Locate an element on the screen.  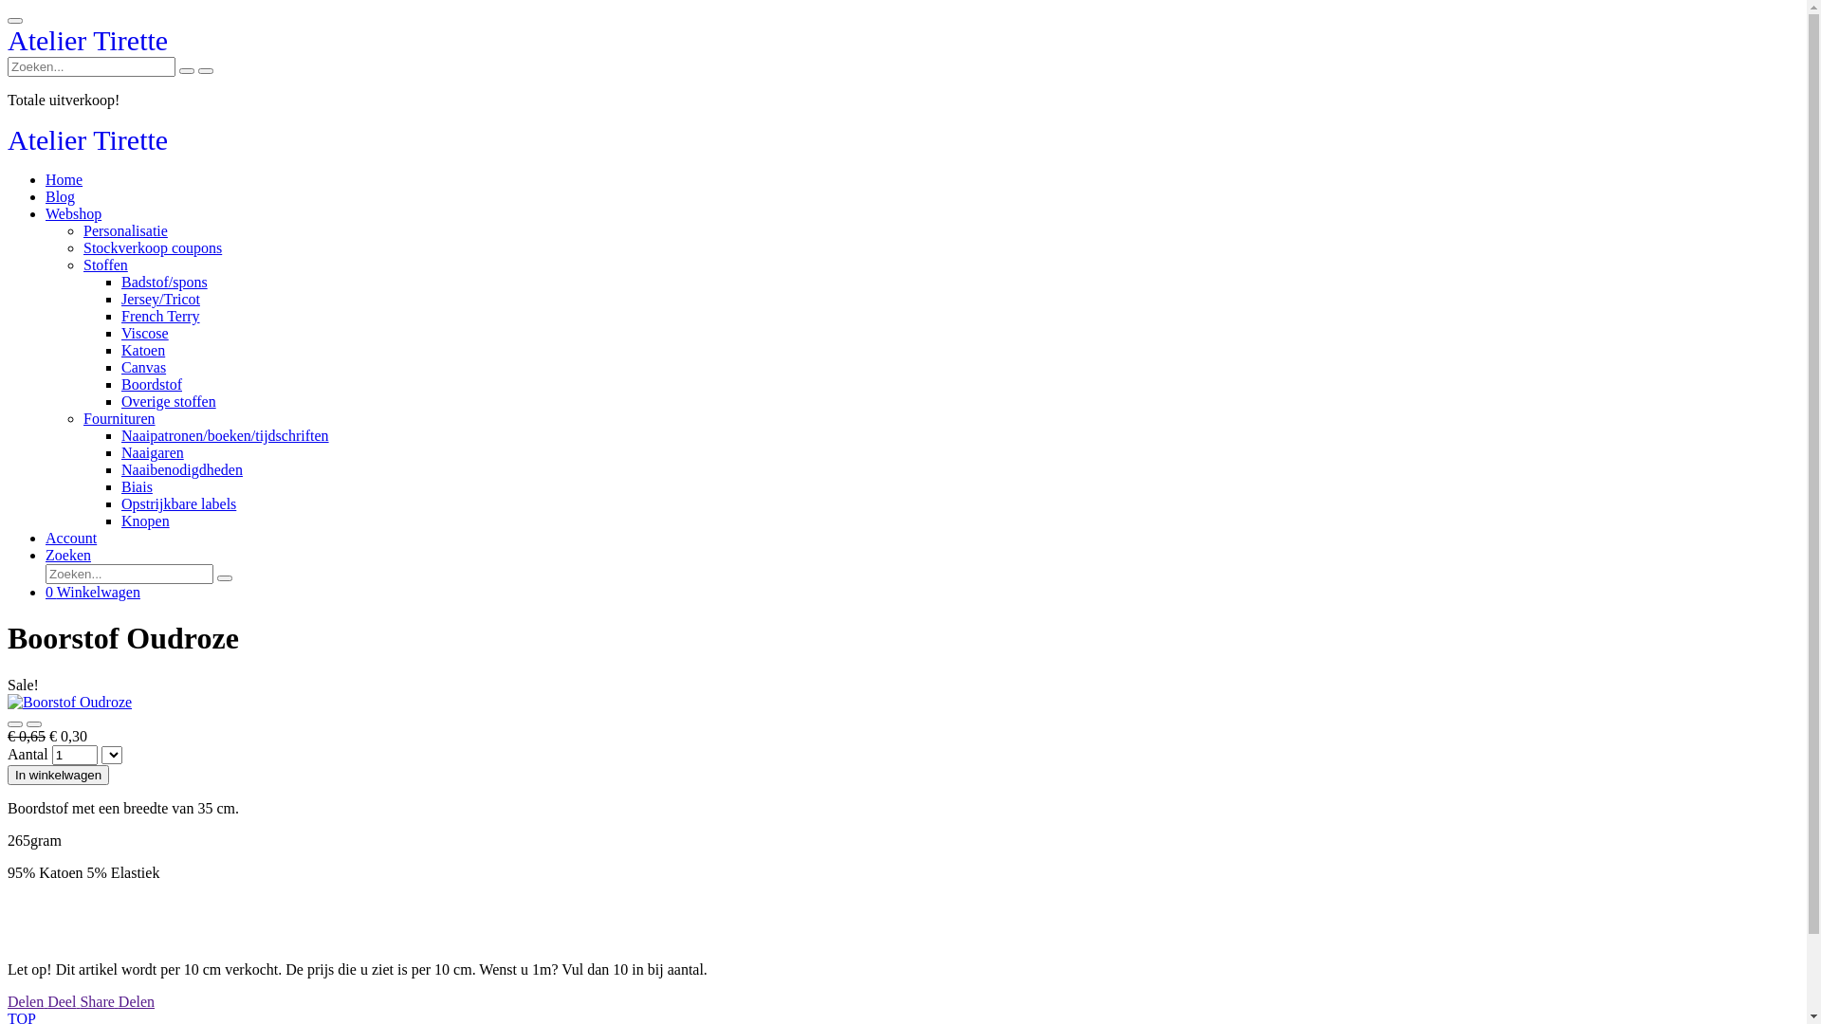
'Delen' is located at coordinates (8, 1000).